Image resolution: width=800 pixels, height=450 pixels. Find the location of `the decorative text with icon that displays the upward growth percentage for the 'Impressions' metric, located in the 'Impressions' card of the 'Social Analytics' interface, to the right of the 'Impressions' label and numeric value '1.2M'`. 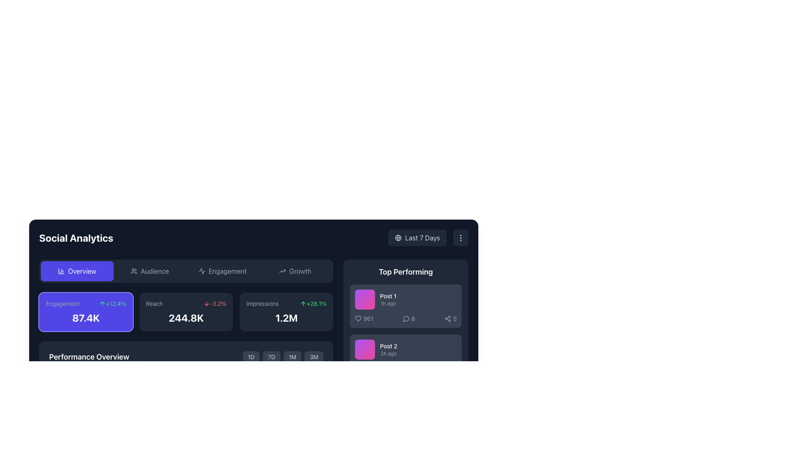

the decorative text with icon that displays the upward growth percentage for the 'Impressions' metric, located in the 'Impressions' card of the 'Social Analytics' interface, to the right of the 'Impressions' label and numeric value '1.2M' is located at coordinates (313, 304).